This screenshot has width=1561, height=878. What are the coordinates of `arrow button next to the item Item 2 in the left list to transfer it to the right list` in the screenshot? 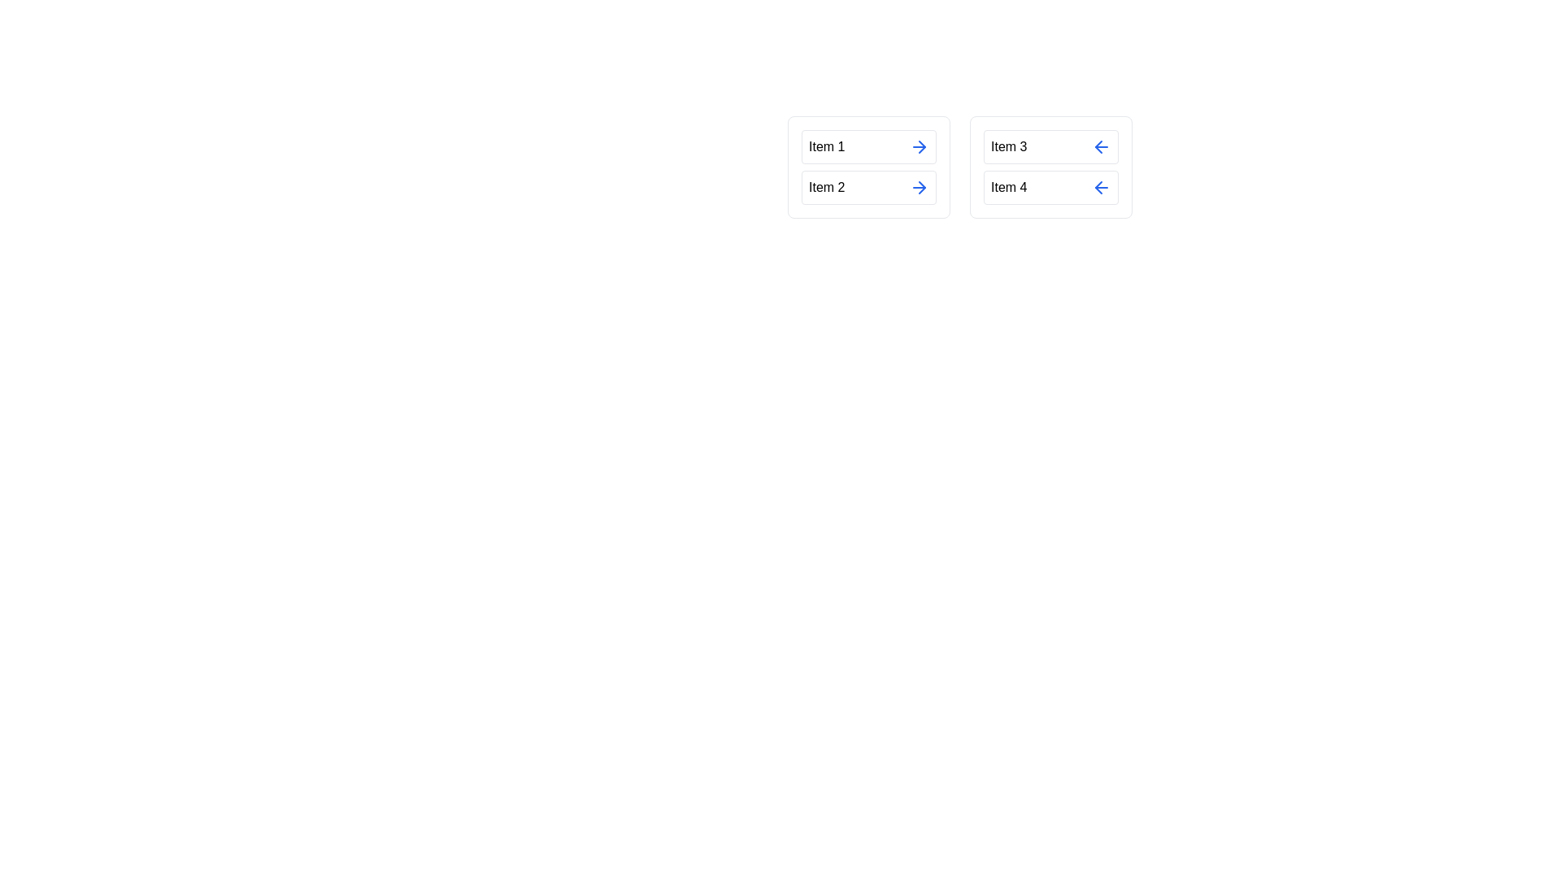 It's located at (920, 187).